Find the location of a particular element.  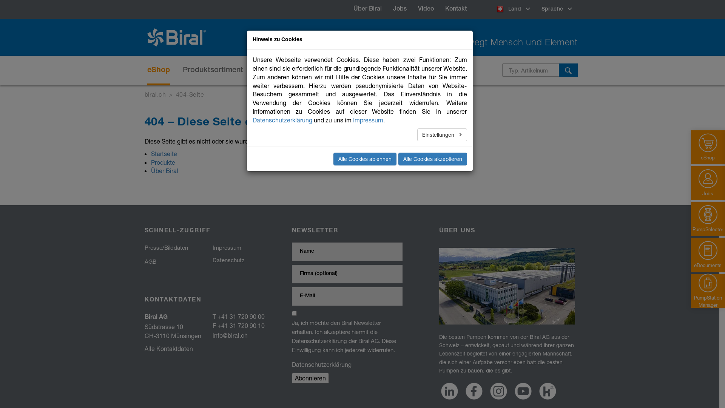

'biral.ch' is located at coordinates (154, 94).